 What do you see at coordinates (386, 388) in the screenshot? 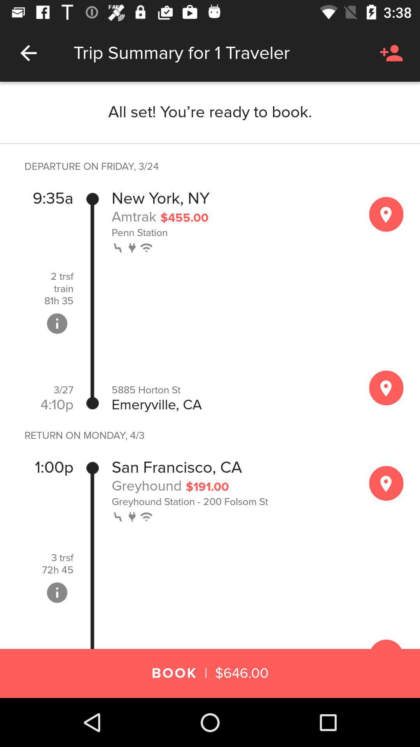
I see `show destination location` at bounding box center [386, 388].